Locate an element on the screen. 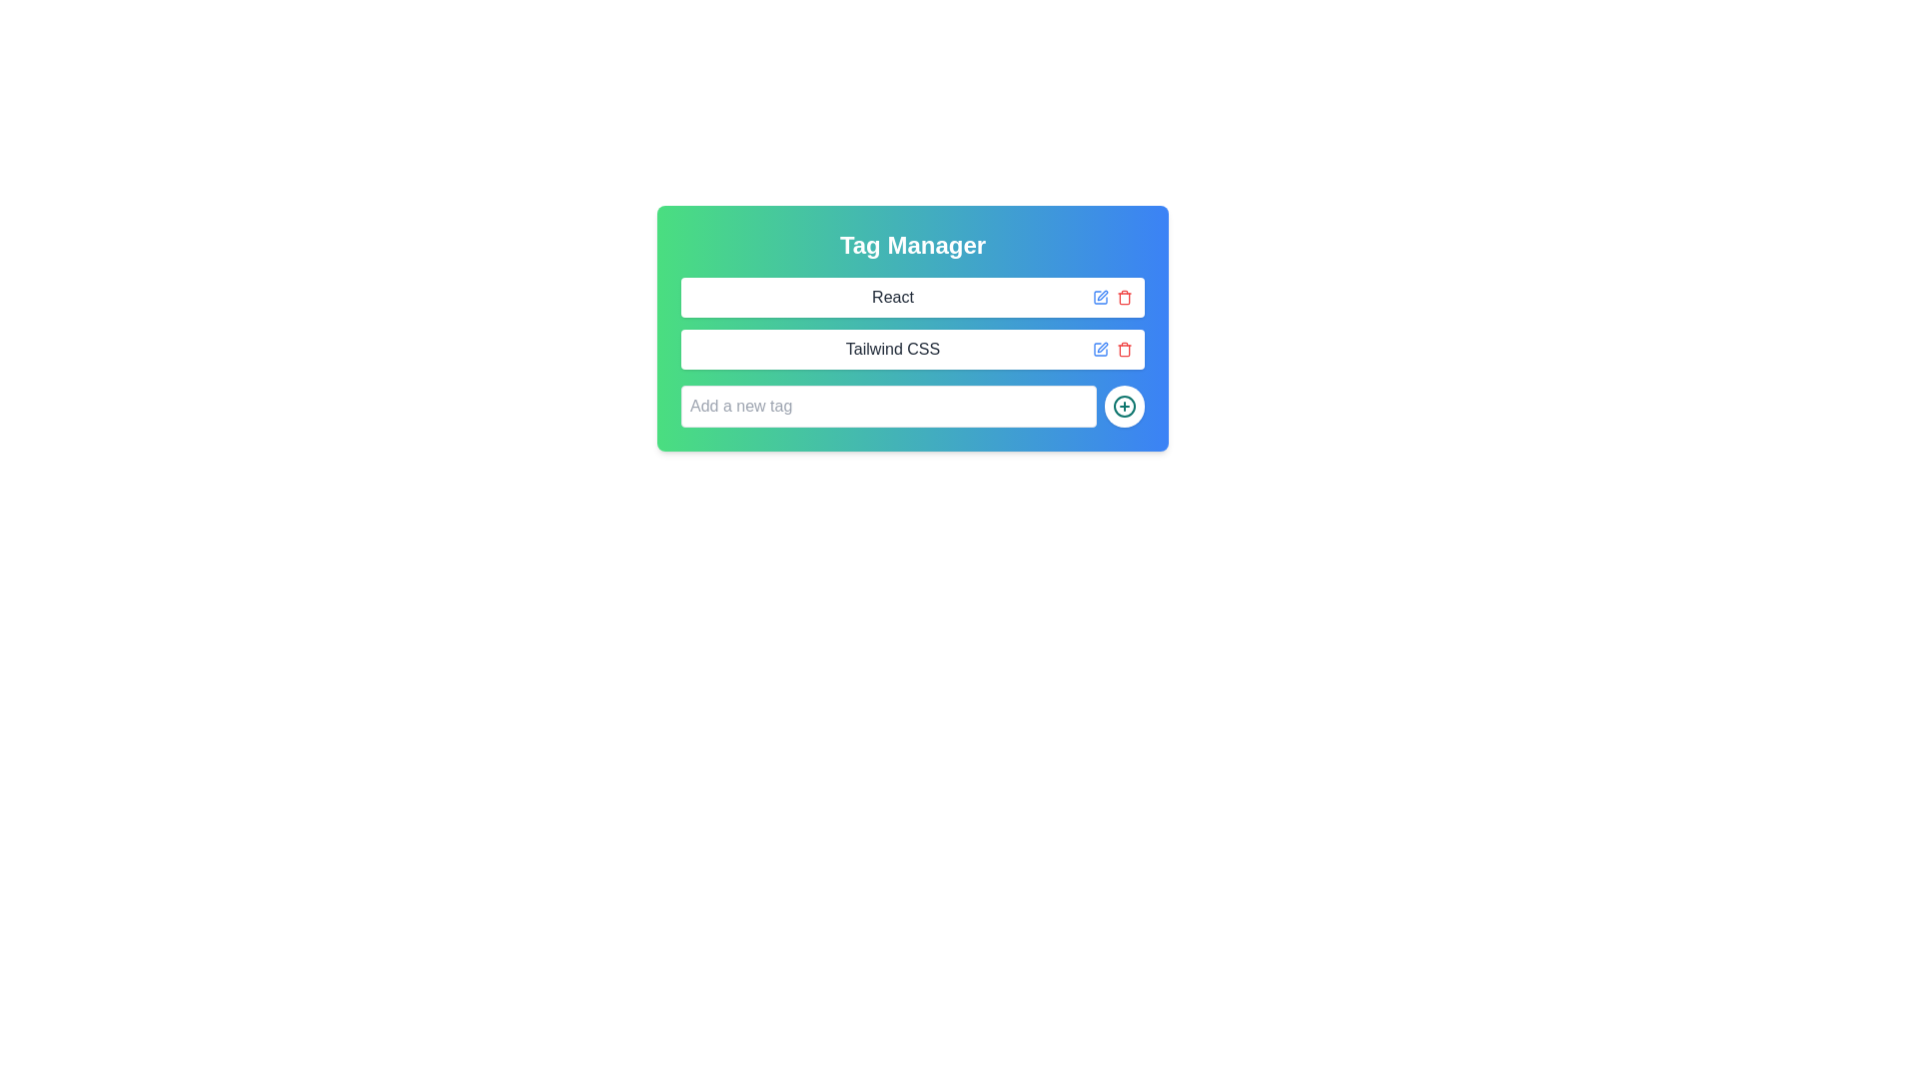 The image size is (1918, 1079). the Circular button icon with a teal color and a plus sign in the center, located at the bottom-right corner of the 'Add a new tag' input field in the 'Tag Manager' card interface is located at coordinates (1125, 406).